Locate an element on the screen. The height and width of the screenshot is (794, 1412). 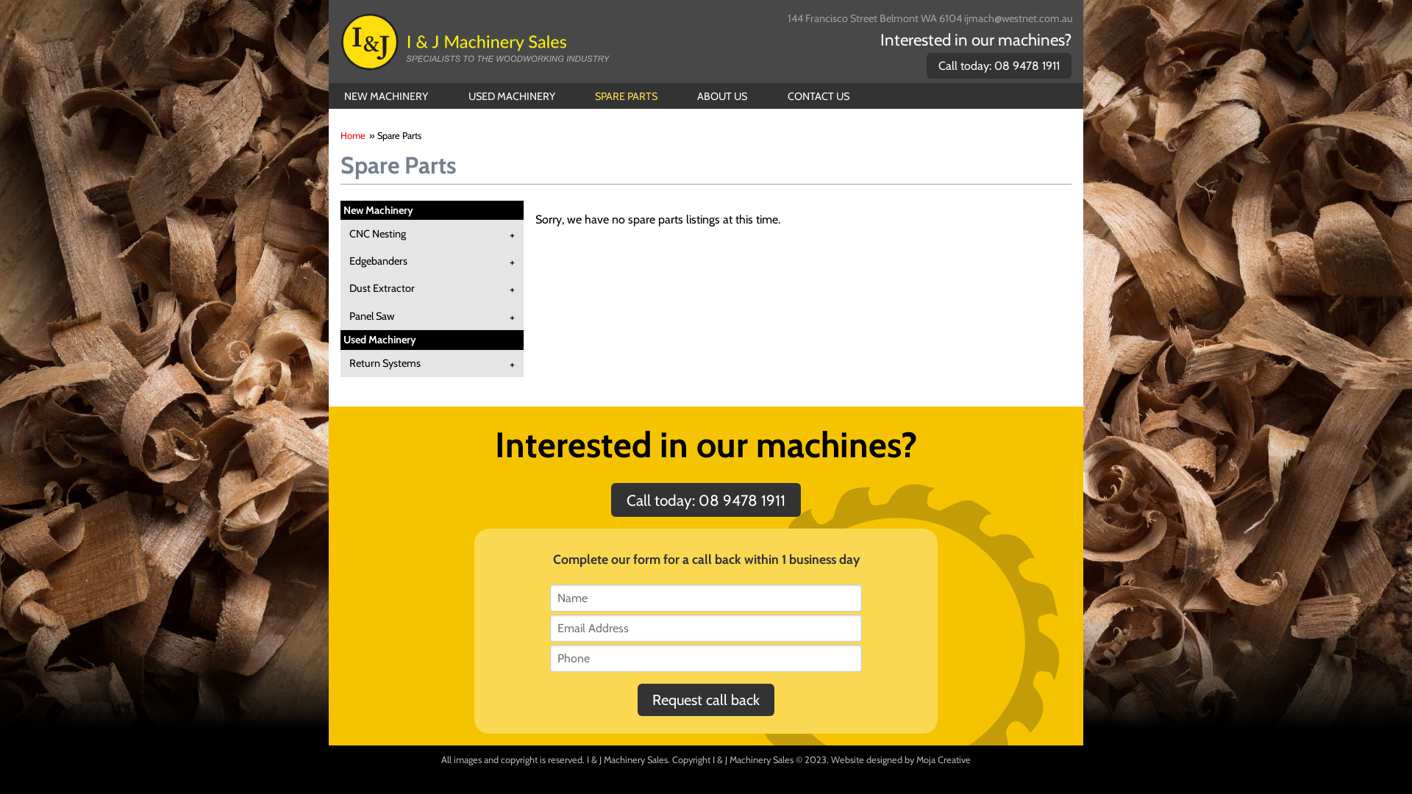
'I & J Machinery Sales' is located at coordinates (476, 40).